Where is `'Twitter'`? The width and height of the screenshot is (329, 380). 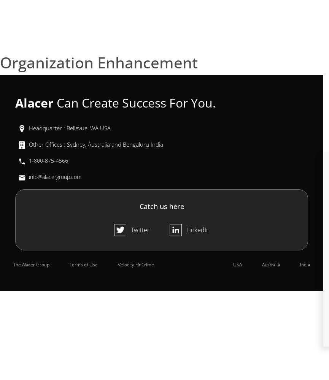
'Twitter' is located at coordinates (140, 230).